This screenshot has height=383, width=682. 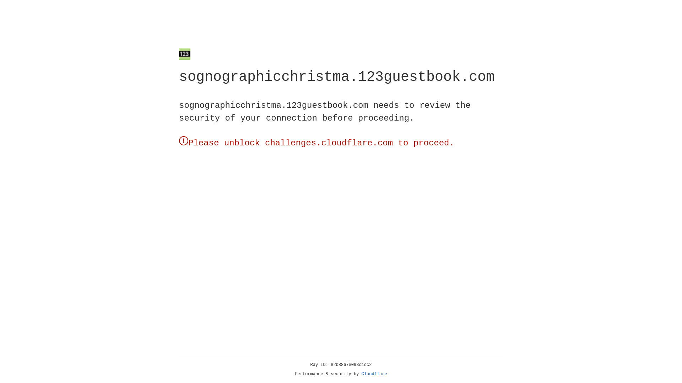 What do you see at coordinates (374, 374) in the screenshot?
I see `'Cloudflare'` at bounding box center [374, 374].